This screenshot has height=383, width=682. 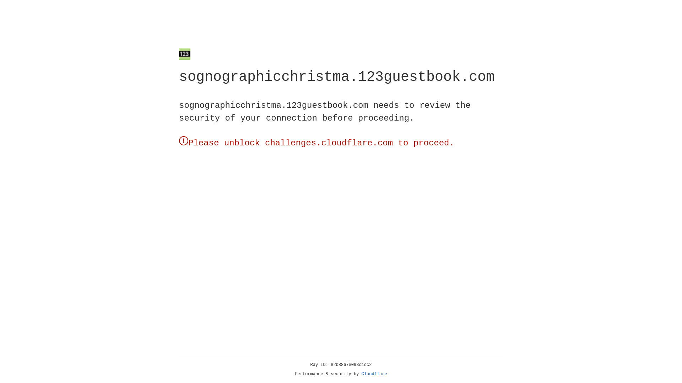 What do you see at coordinates (374, 374) in the screenshot?
I see `'Cloudflare'` at bounding box center [374, 374].